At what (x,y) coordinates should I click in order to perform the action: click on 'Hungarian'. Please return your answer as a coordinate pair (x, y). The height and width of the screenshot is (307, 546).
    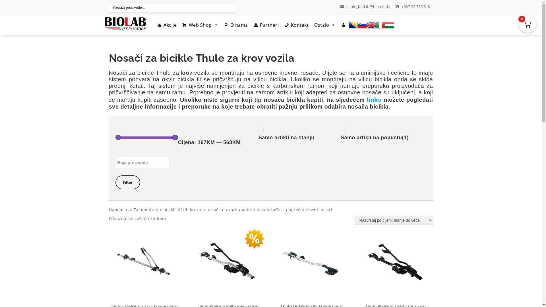
    Looking at the image, I should click on (385, 25).